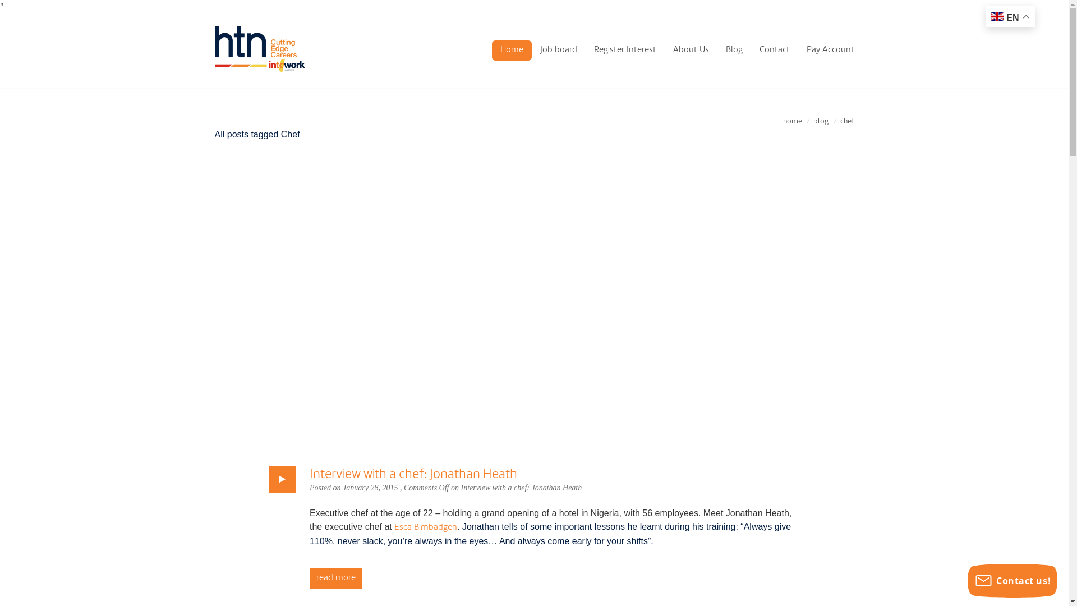 The height and width of the screenshot is (606, 1077). Describe the element at coordinates (774, 49) in the screenshot. I see `'Contact'` at that location.